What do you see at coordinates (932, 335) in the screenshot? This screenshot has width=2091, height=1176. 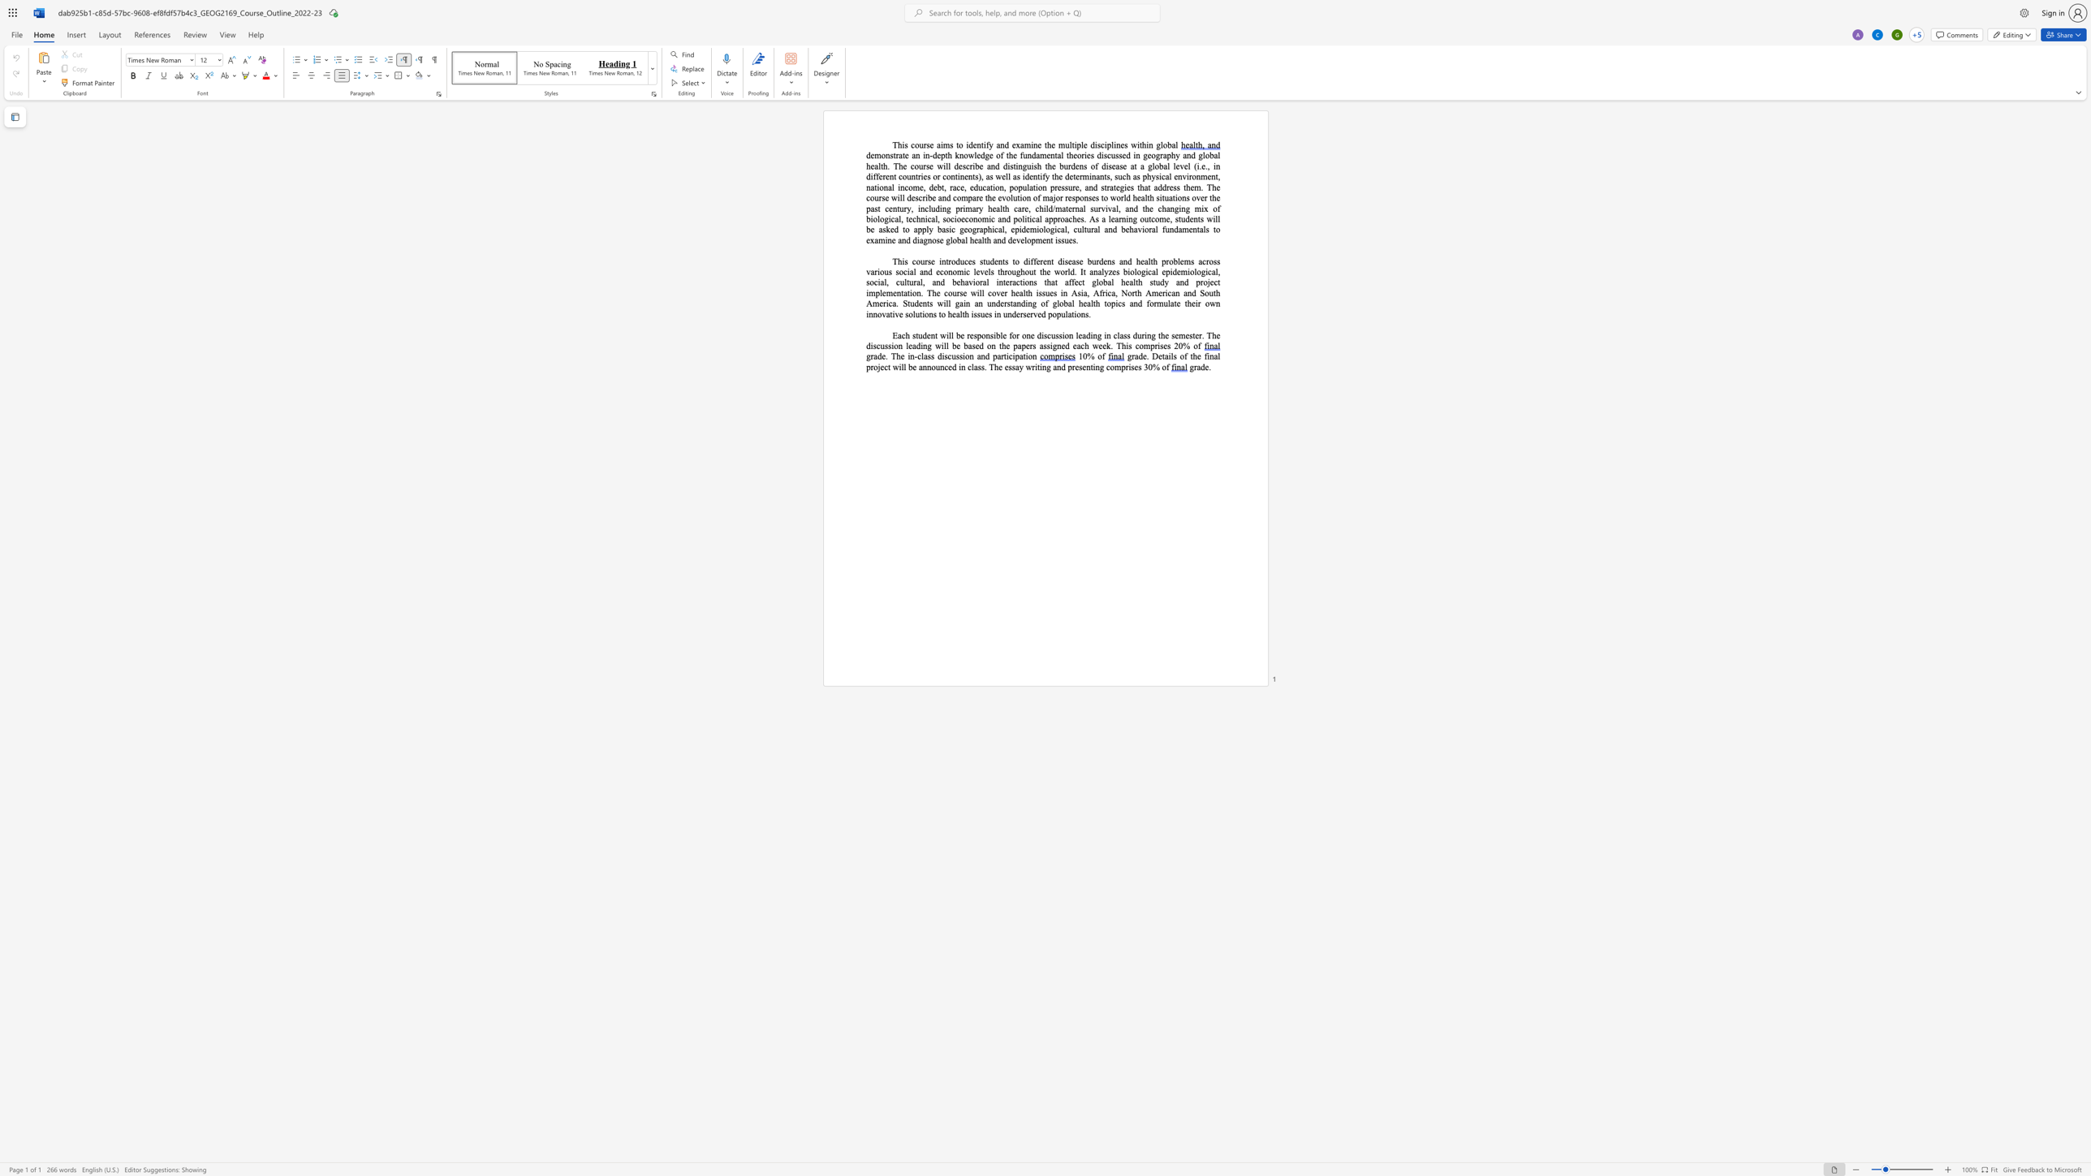 I see `the 1th character "n" in the text` at bounding box center [932, 335].